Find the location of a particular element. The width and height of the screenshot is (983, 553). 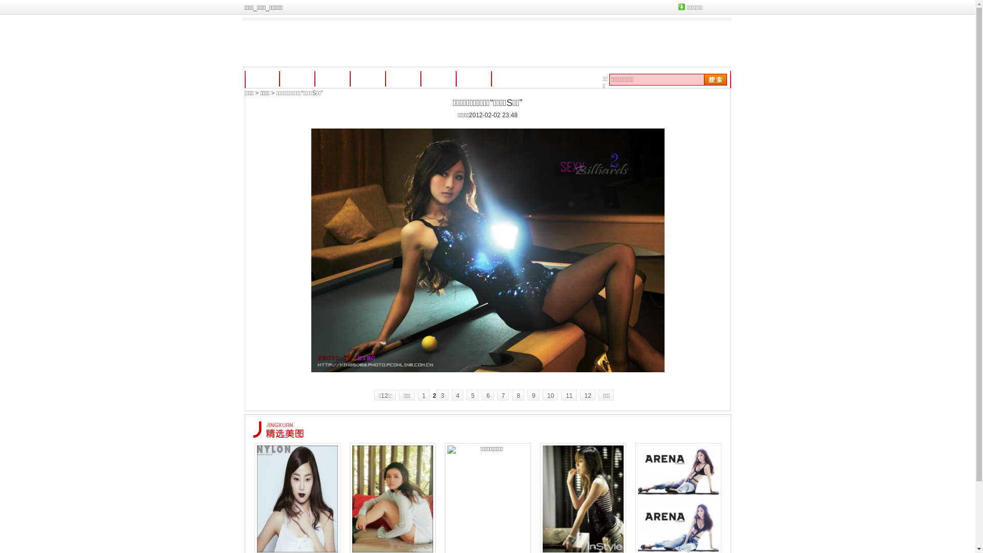

'1' is located at coordinates (424, 394).